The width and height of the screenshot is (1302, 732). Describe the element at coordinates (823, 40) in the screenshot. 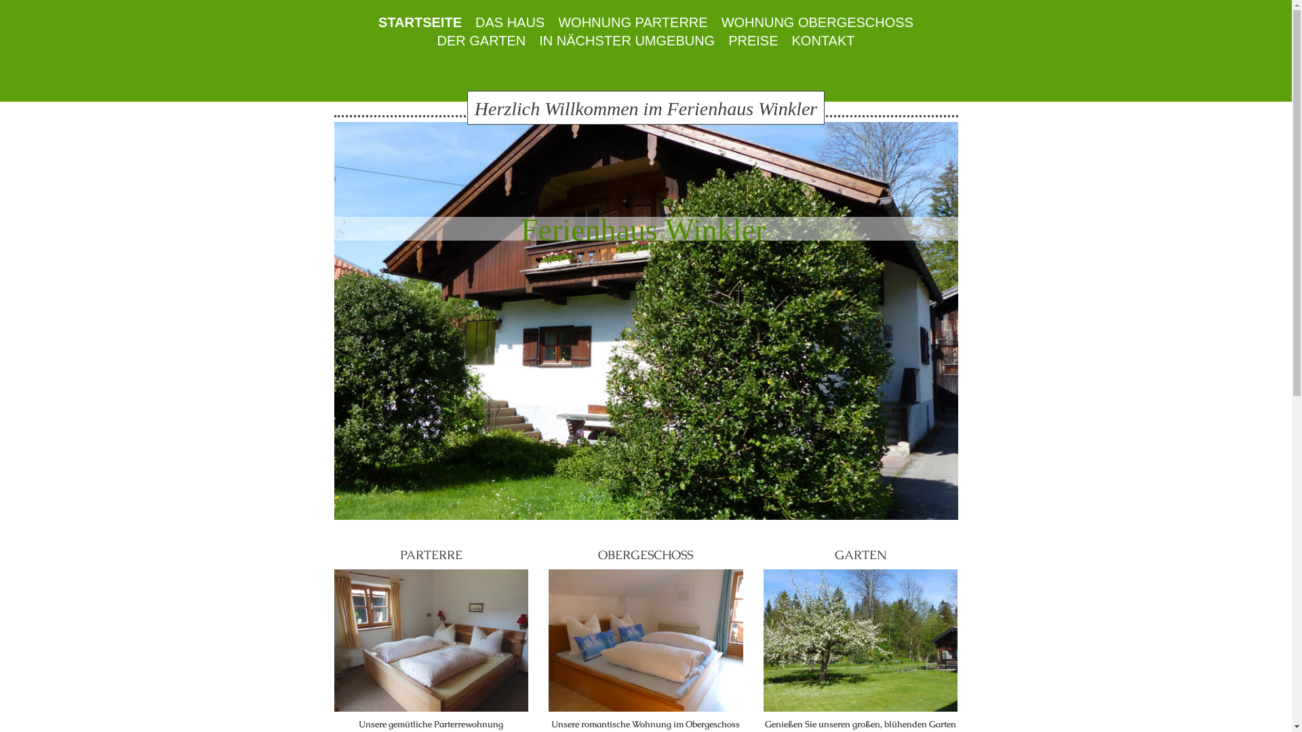

I see `'KONTAKT'` at that location.